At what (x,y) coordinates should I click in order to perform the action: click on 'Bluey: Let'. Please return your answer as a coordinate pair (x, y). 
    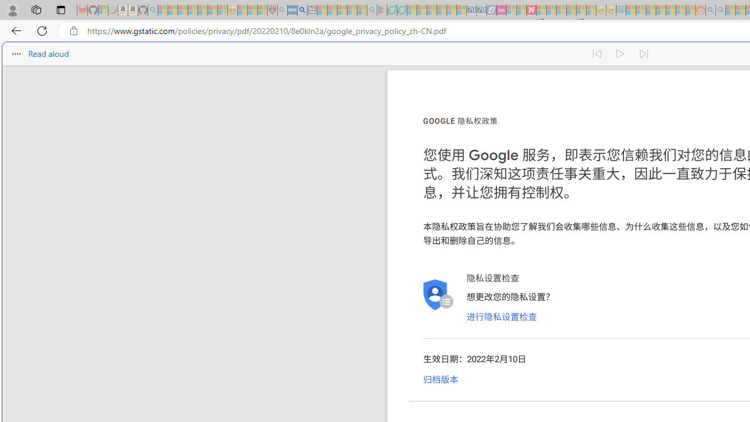
    Looking at the image, I should click on (382, 10).